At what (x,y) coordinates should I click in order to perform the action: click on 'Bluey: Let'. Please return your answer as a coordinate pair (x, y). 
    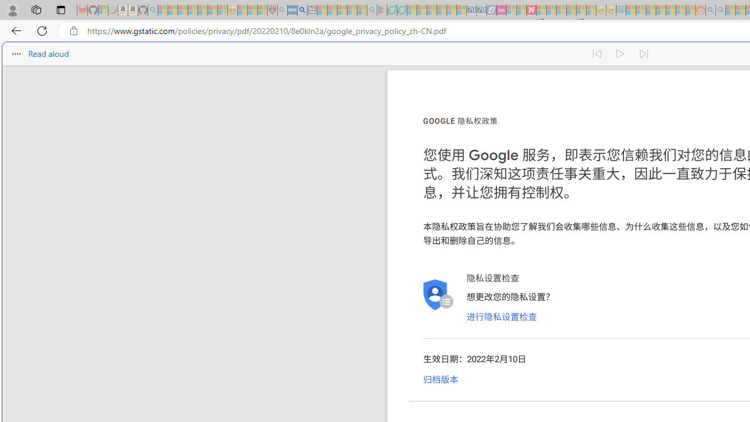
    Looking at the image, I should click on (382, 10).